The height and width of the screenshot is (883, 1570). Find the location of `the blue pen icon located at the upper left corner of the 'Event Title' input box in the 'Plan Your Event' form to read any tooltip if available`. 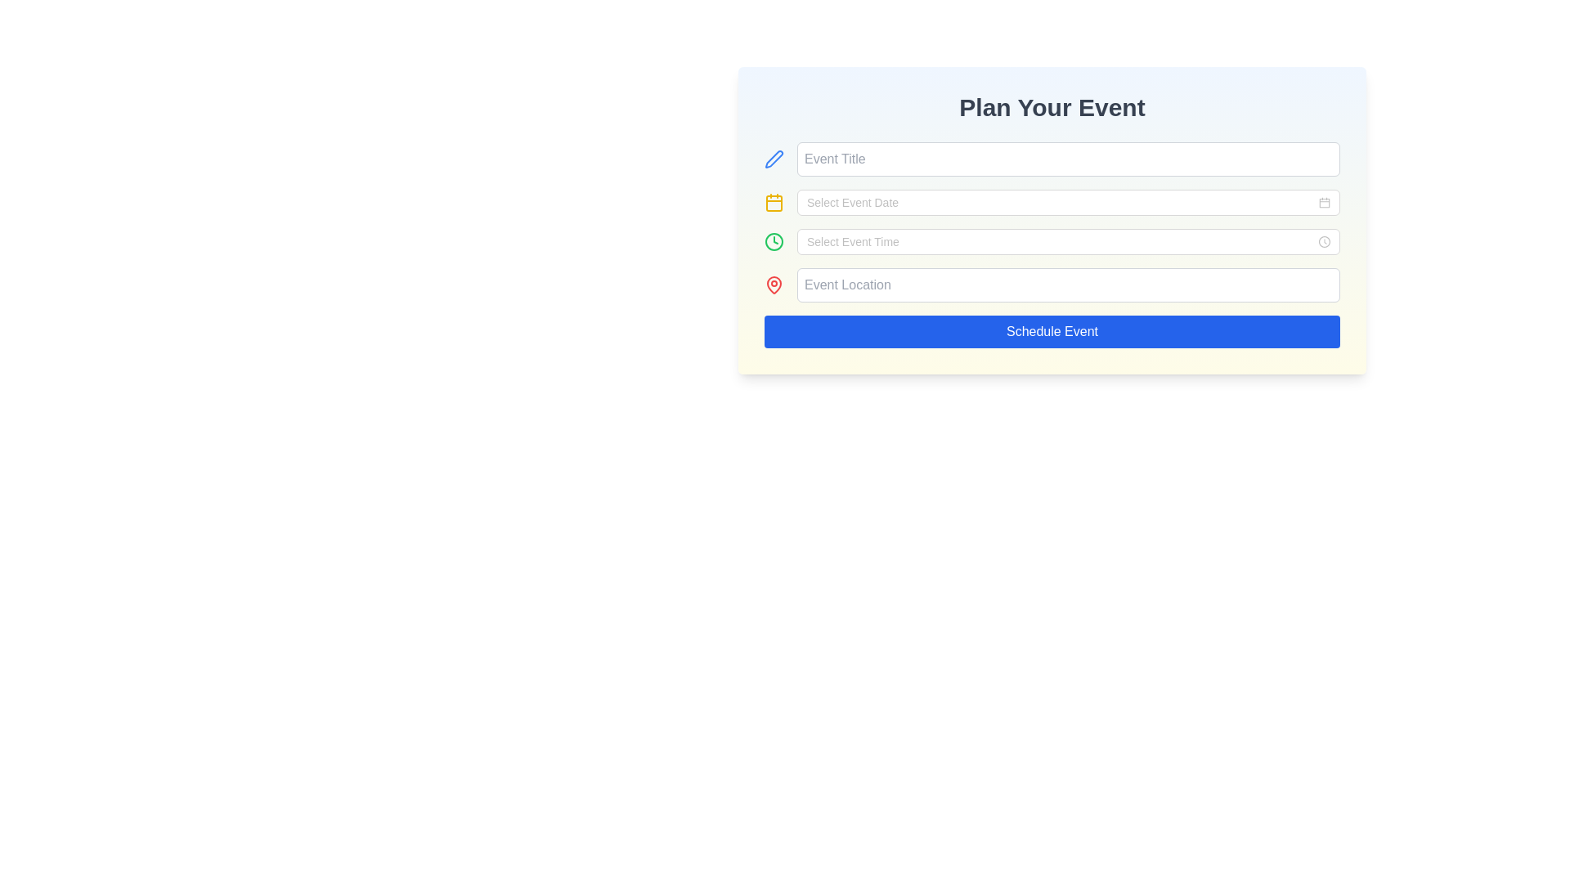

the blue pen icon located at the upper left corner of the 'Event Title' input box in the 'Plan Your Event' form to read any tooltip if available is located at coordinates (773, 159).